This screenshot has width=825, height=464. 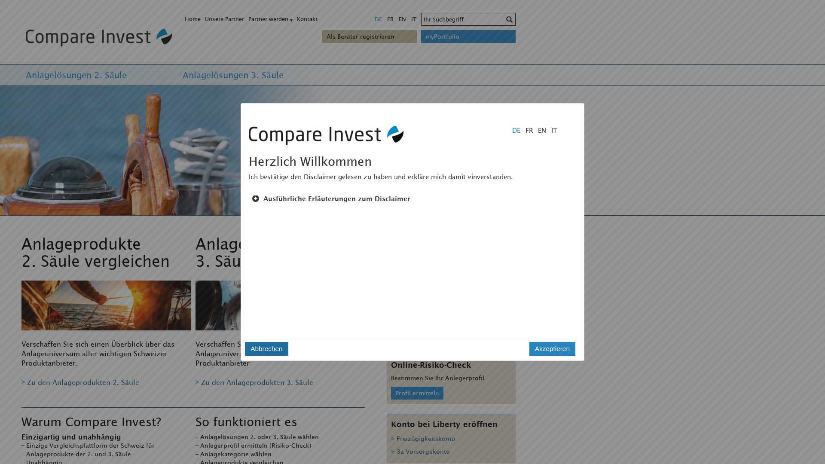 What do you see at coordinates (539, 130) in the screenshot?
I see `'EN'` at bounding box center [539, 130].